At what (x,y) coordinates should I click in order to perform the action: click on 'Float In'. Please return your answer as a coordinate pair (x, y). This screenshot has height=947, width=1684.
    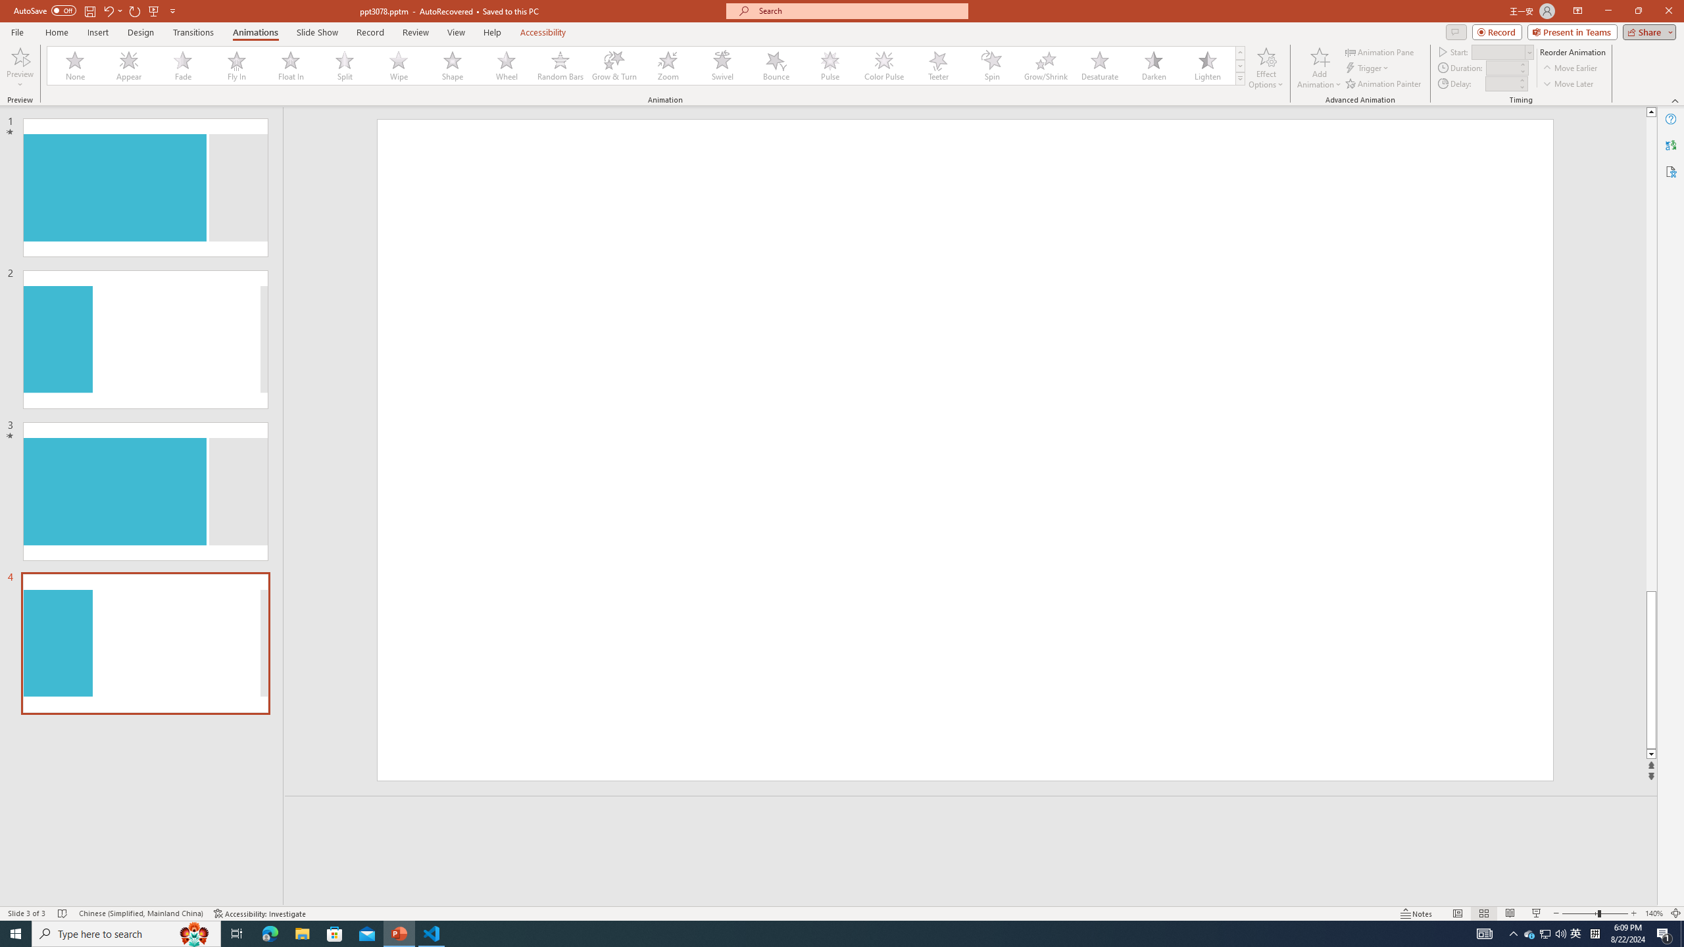
    Looking at the image, I should click on (290, 65).